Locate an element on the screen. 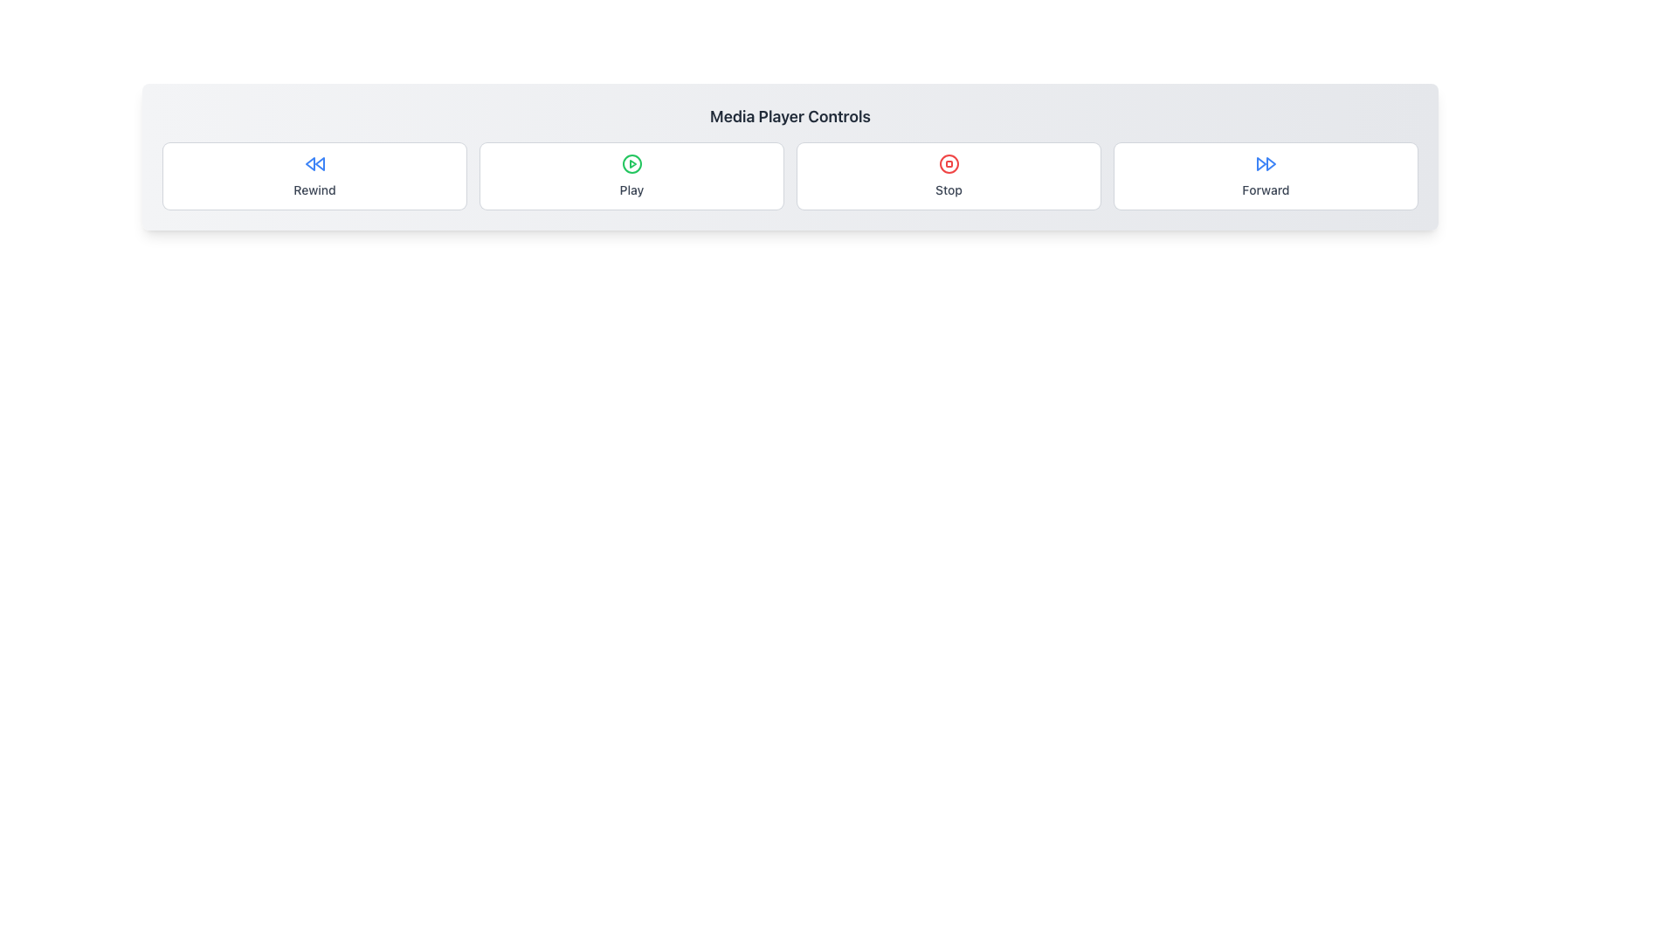 Image resolution: width=1677 pixels, height=943 pixels. the green circular play icon located in the media control interface is located at coordinates (631, 164).